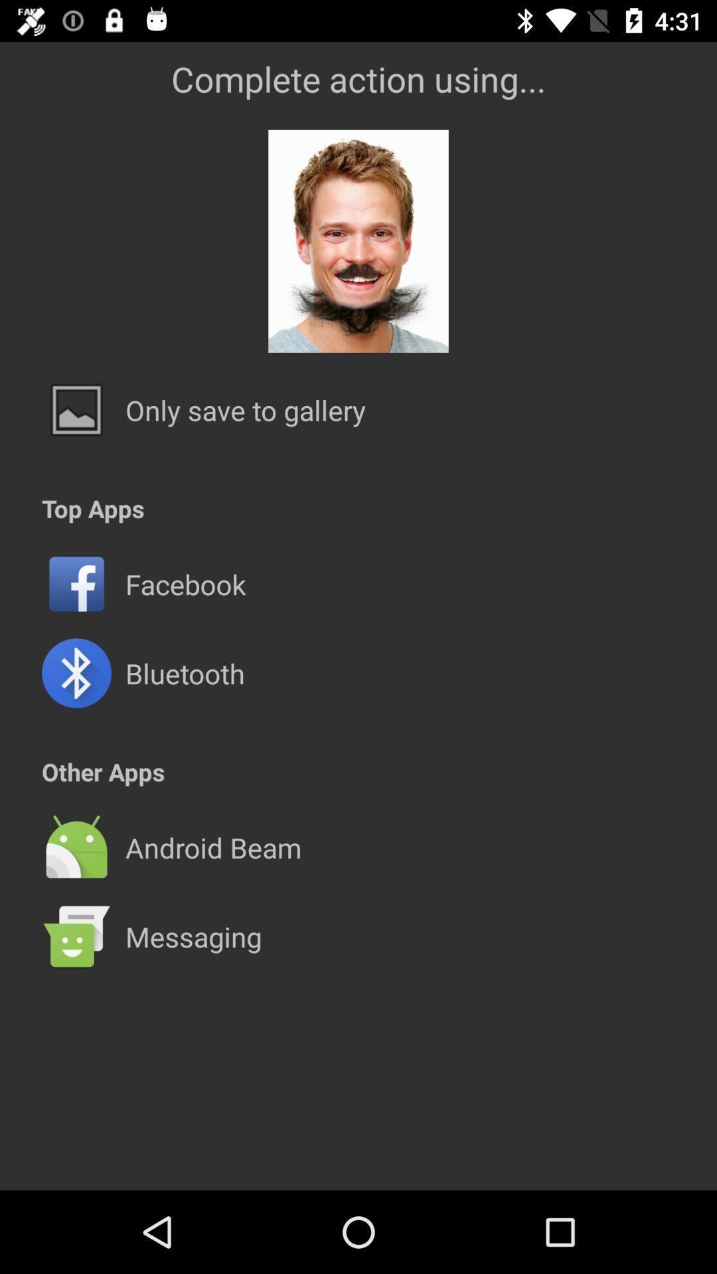  Describe the element at coordinates (193, 936) in the screenshot. I see `the messaging icon` at that location.